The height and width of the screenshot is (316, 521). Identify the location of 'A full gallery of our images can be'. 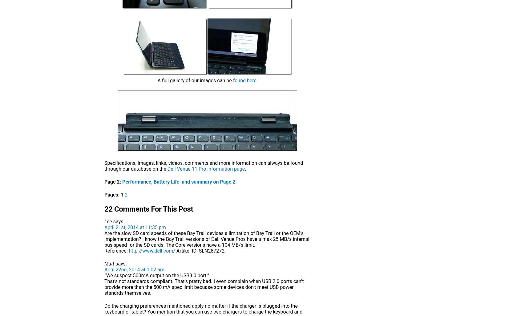
(195, 80).